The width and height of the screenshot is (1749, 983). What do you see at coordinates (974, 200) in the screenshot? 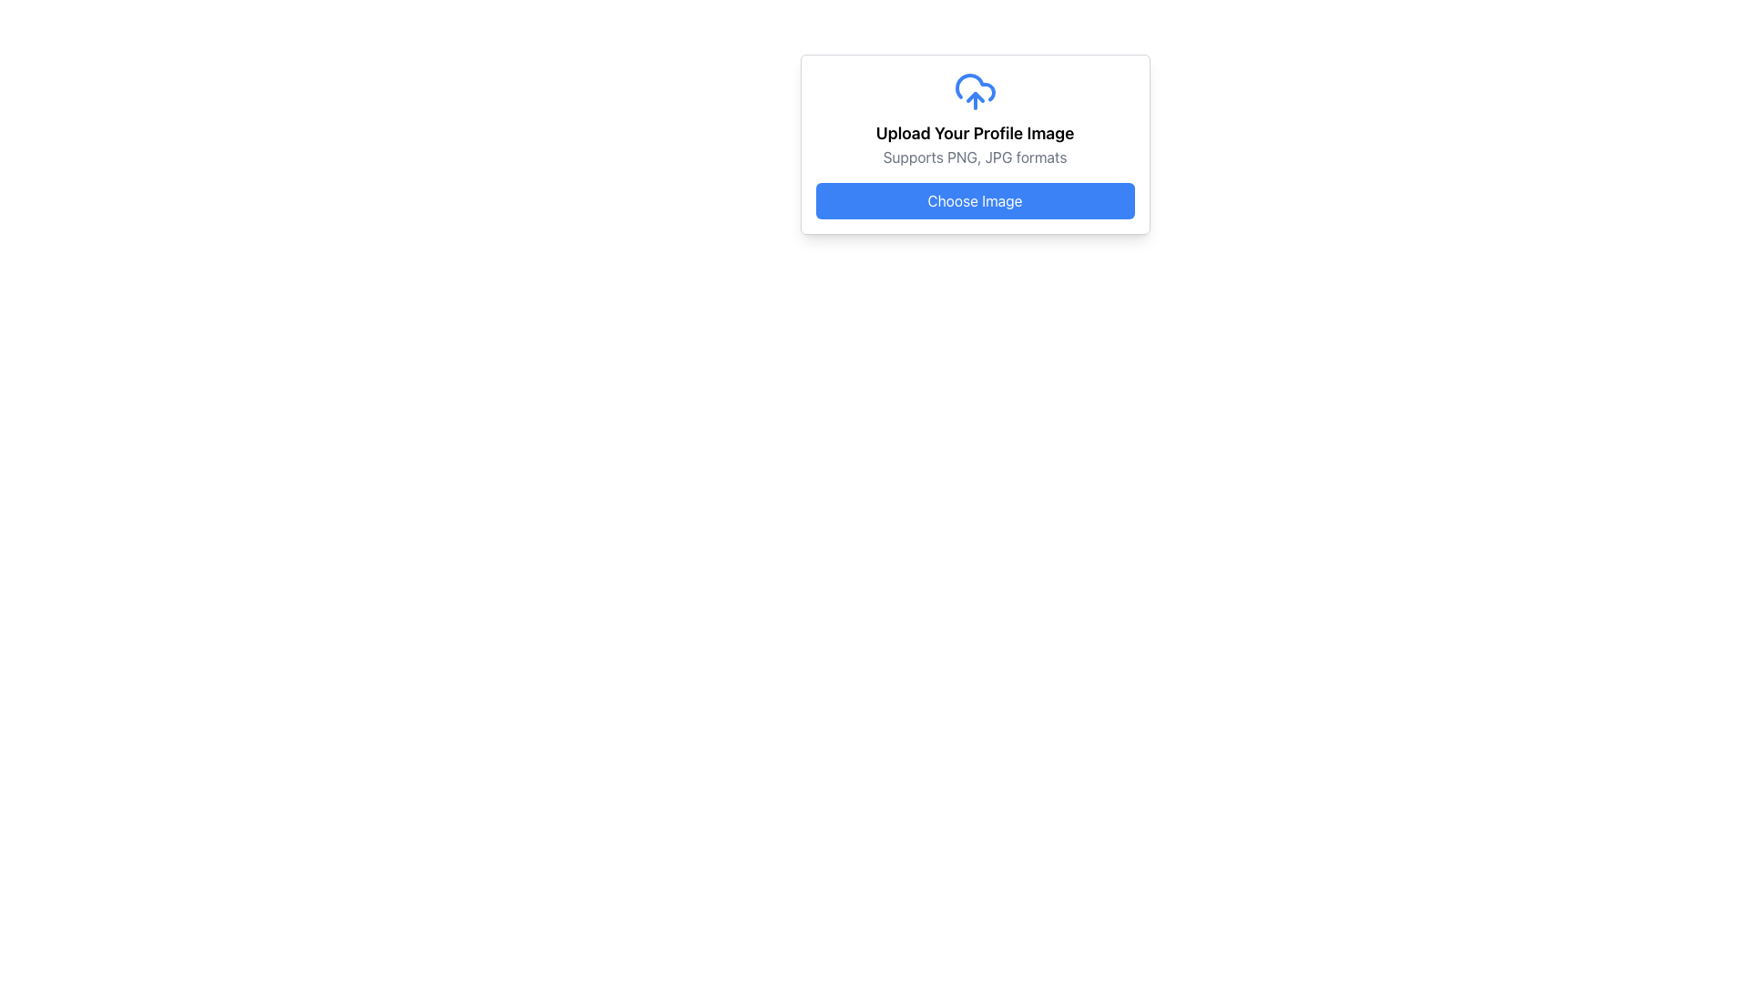
I see `the rectangular 'Choose Image' button with a blue background and white text` at bounding box center [974, 200].